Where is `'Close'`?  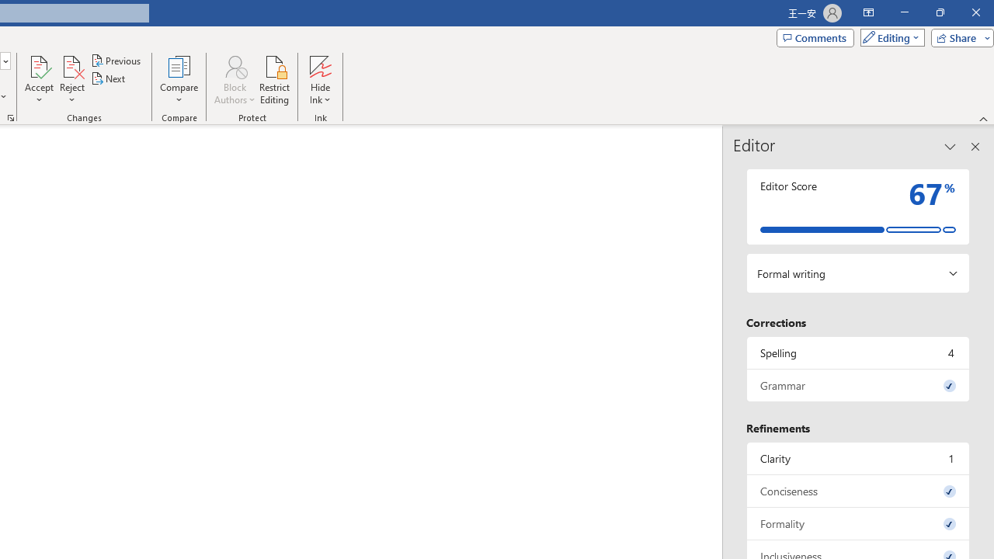
'Close' is located at coordinates (975, 12).